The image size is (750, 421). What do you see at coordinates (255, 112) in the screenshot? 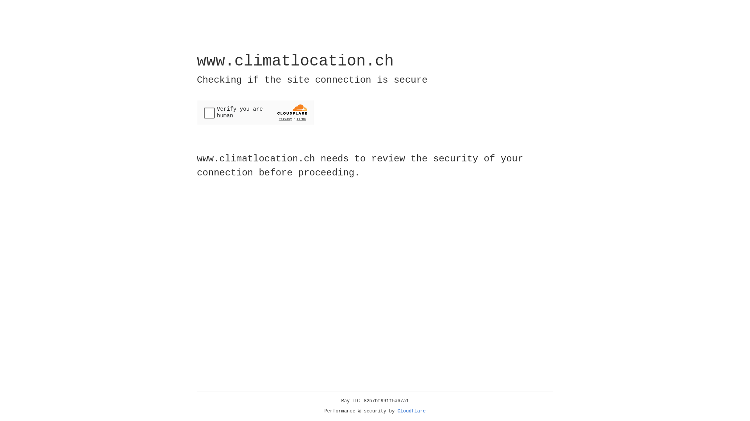
I see `'Widget containing a Cloudflare security challenge'` at bounding box center [255, 112].